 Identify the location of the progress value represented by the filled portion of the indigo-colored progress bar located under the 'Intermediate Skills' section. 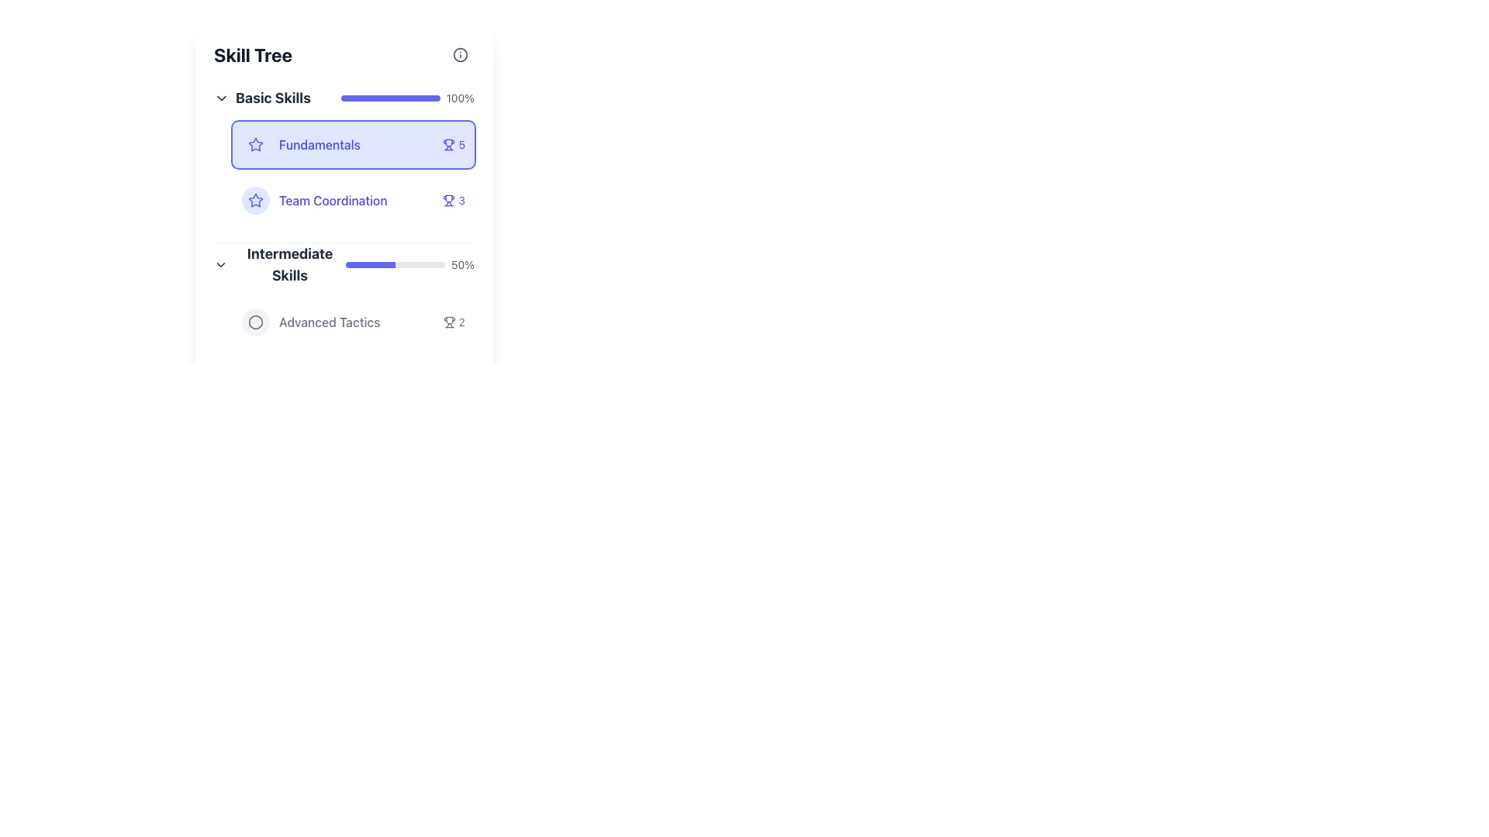
(370, 264).